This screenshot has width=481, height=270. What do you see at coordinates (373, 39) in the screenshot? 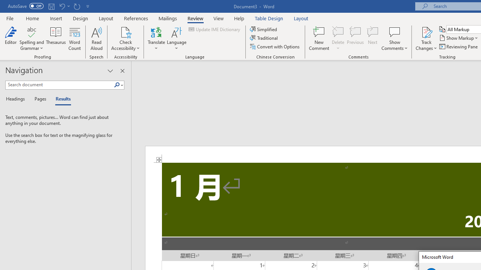
I see `'Next'` at bounding box center [373, 39].